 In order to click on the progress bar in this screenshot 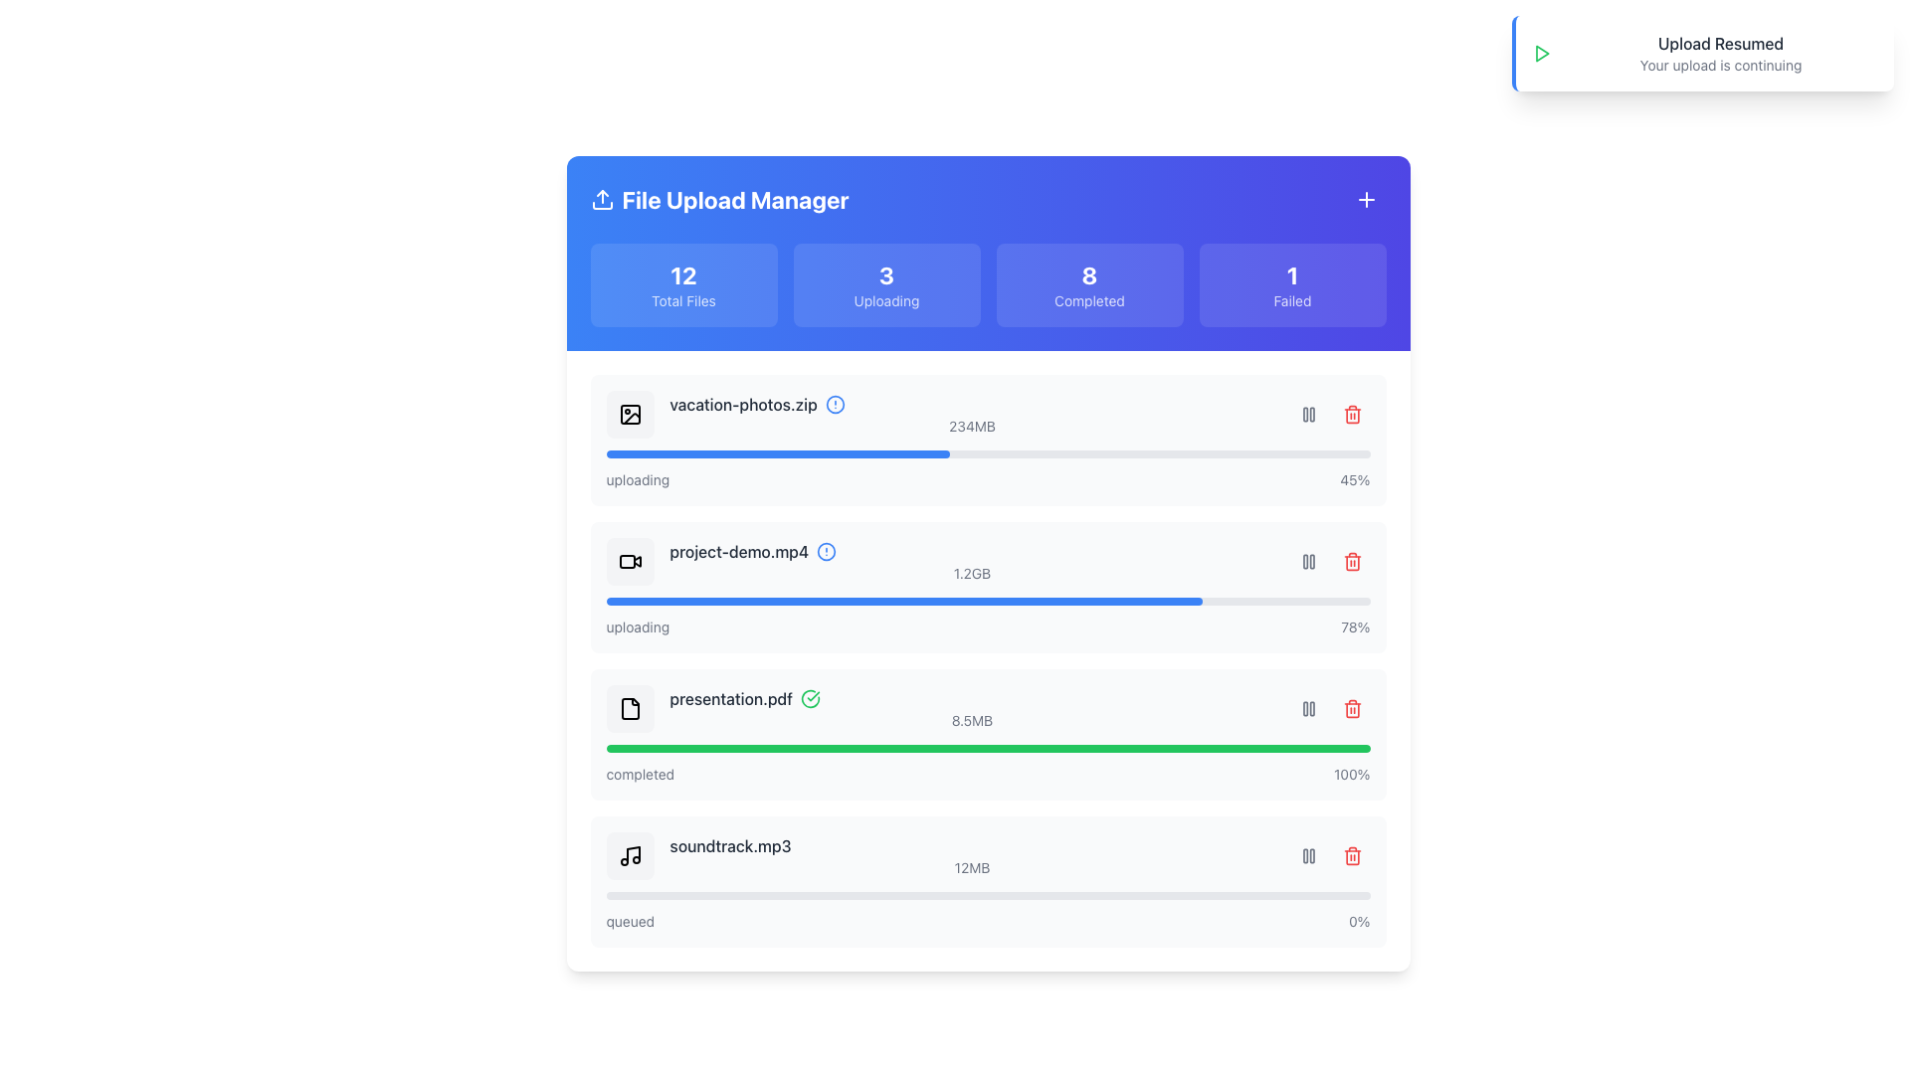, I will do `click(904, 453)`.